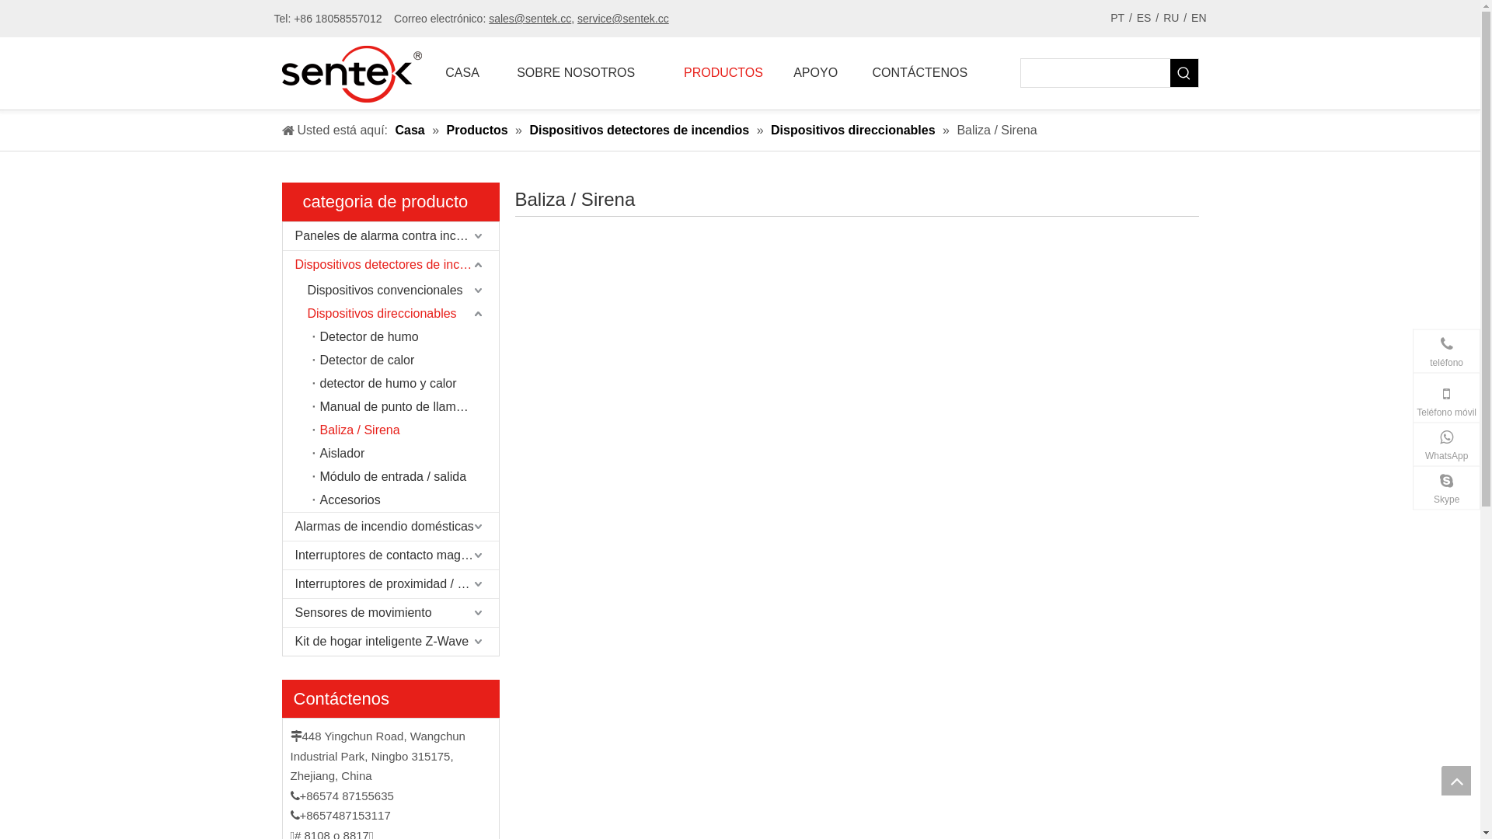  What do you see at coordinates (1197, 18) in the screenshot?
I see `'EN'` at bounding box center [1197, 18].